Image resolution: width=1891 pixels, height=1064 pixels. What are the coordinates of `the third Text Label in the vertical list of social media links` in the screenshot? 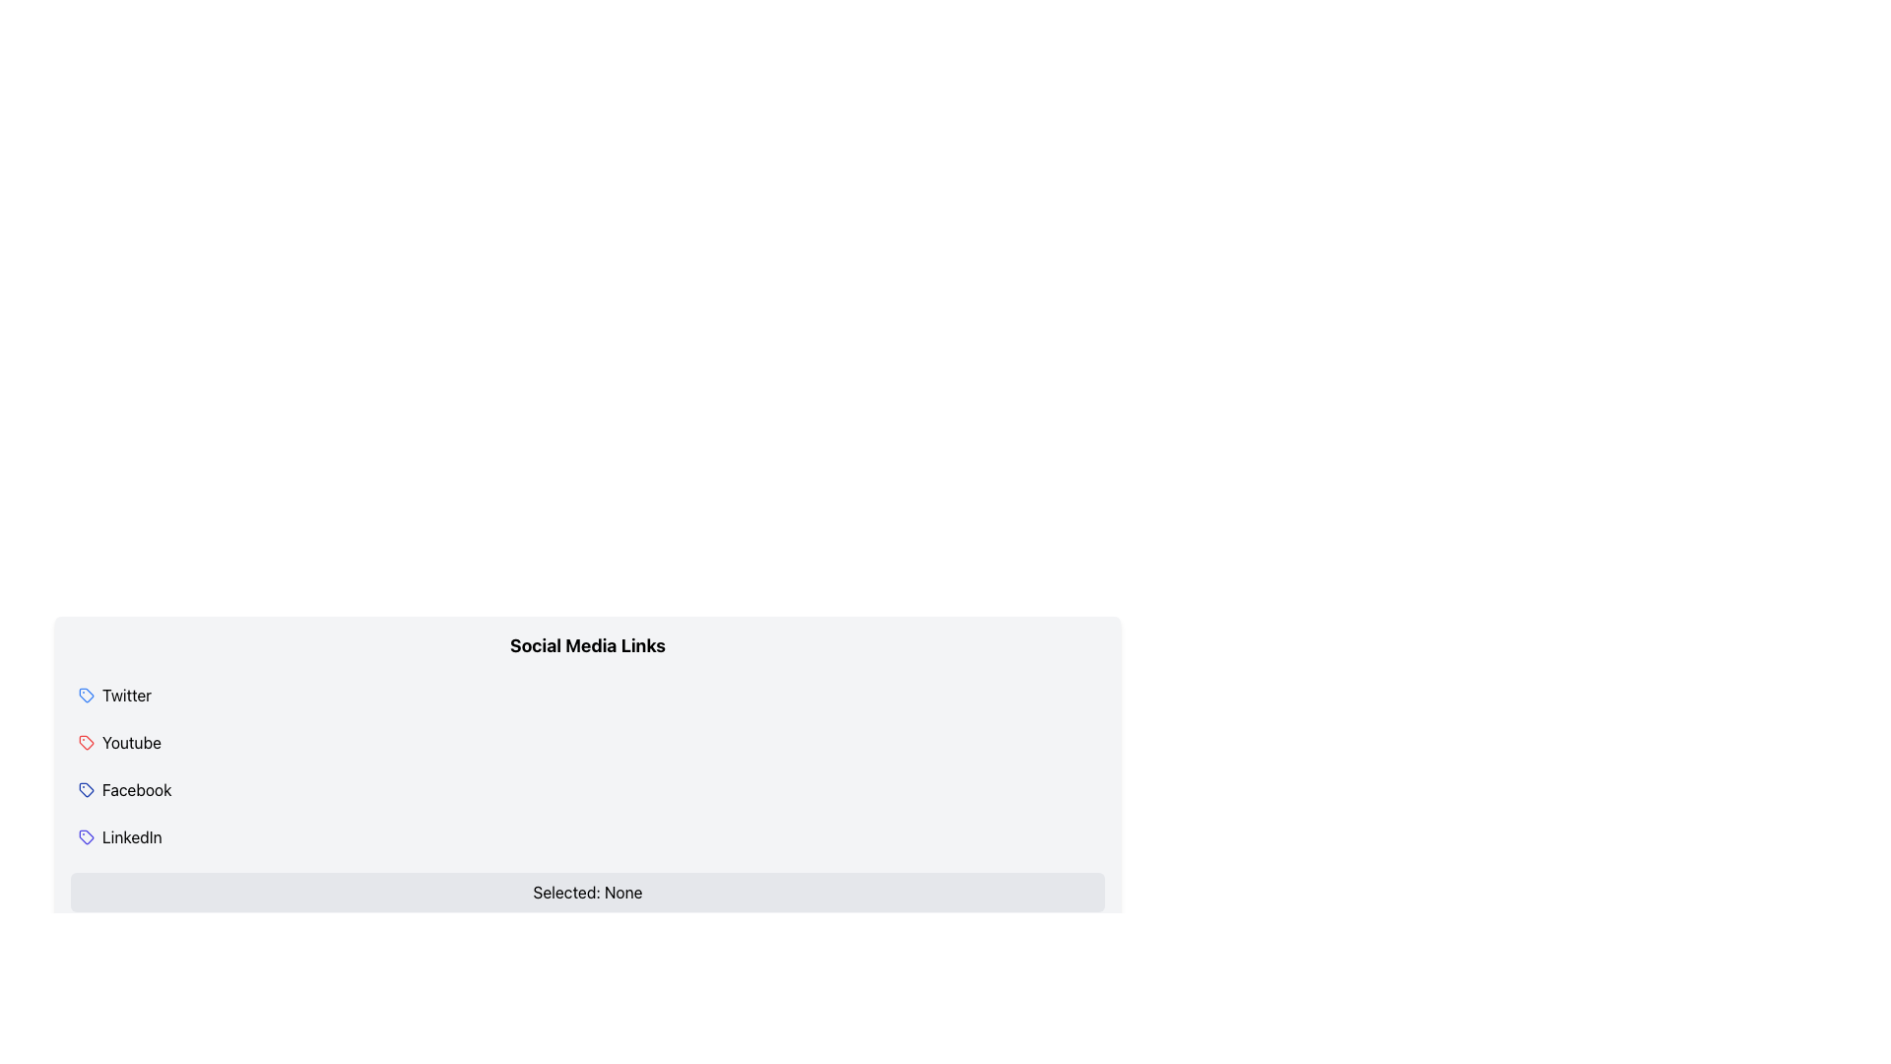 It's located at (136, 789).